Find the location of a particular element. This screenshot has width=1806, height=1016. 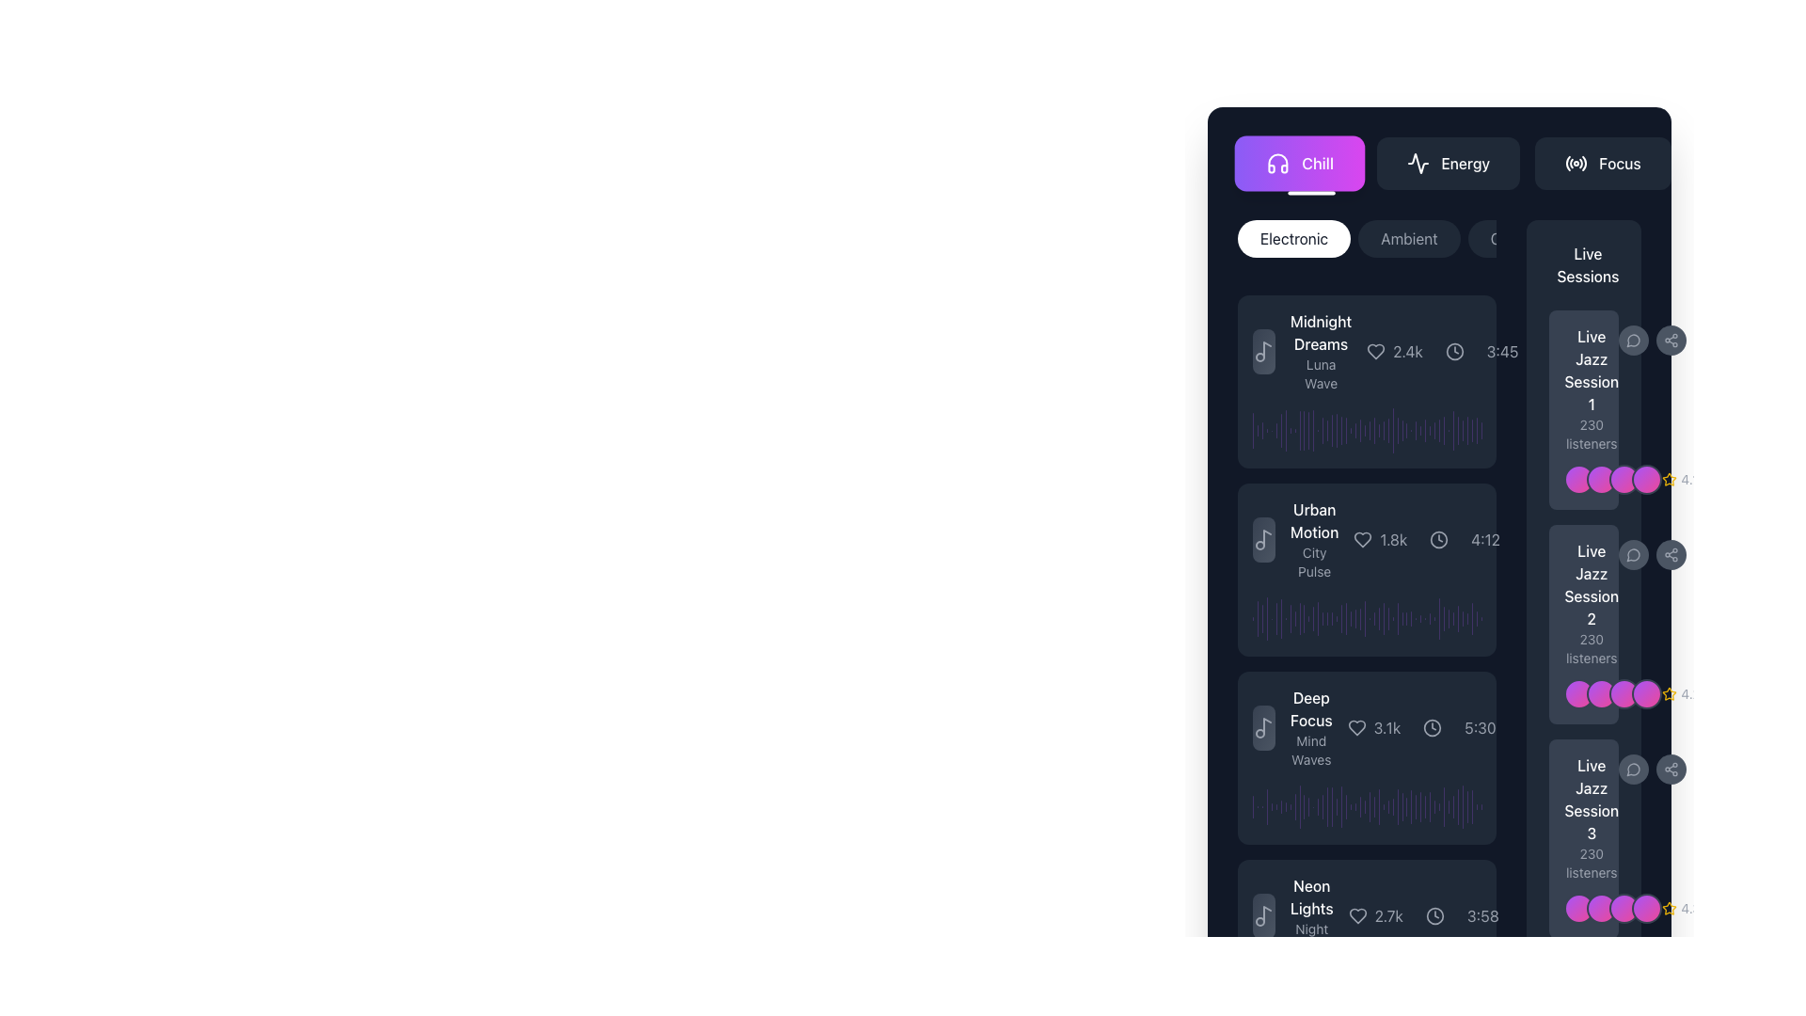

the 29th vertical bar in the visualizer diagram located at the bottom of the sidebar interface is located at coordinates (1388, 619).